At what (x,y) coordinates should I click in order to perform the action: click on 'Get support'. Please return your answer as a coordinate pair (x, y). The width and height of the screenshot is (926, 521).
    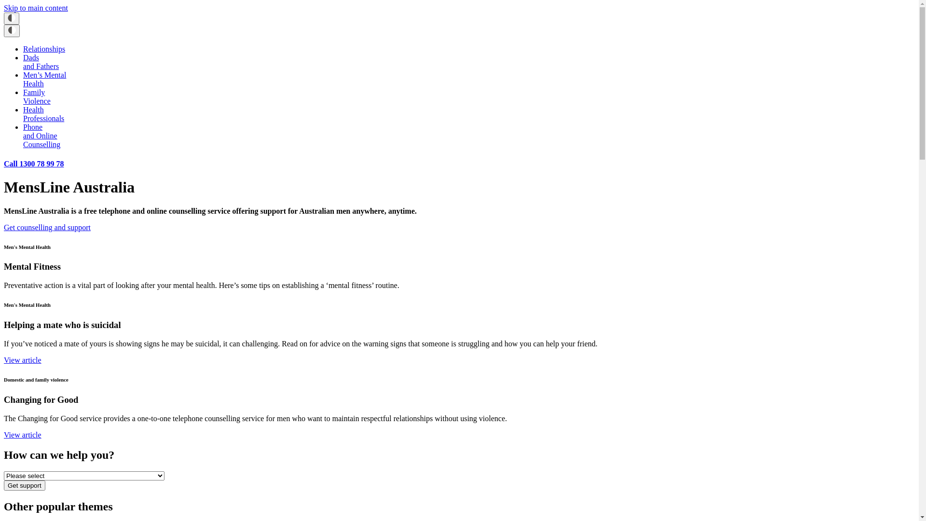
    Looking at the image, I should click on (25, 485).